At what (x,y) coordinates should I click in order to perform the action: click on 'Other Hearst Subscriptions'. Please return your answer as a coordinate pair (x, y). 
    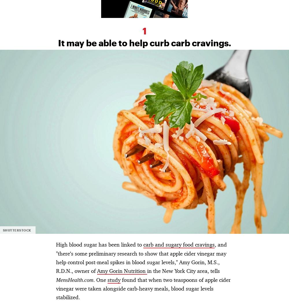
    Looking at the image, I should click on (38, 71).